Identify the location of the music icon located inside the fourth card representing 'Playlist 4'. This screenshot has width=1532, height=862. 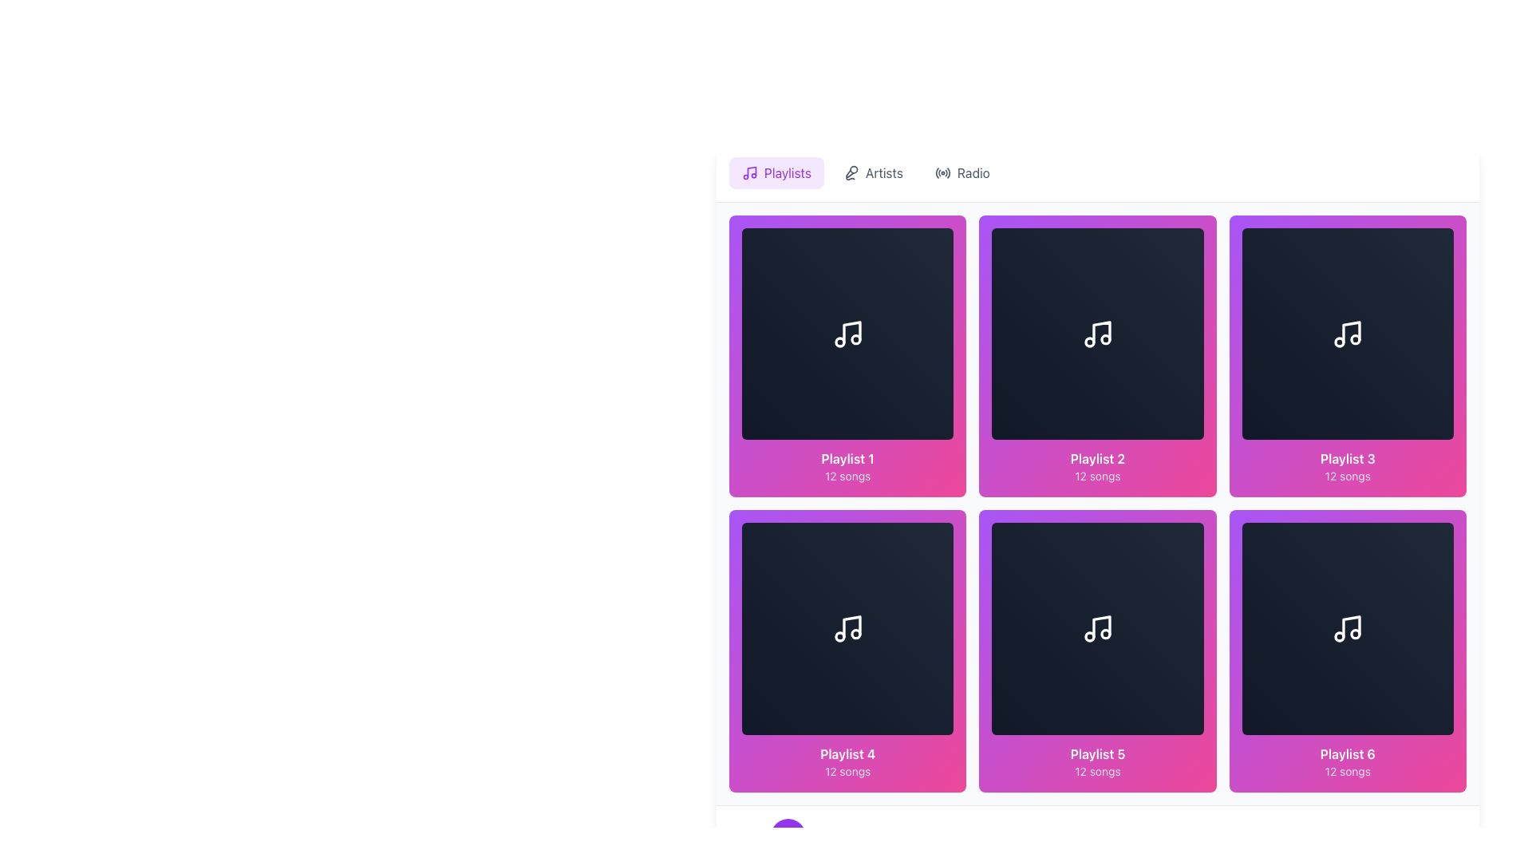
(851, 626).